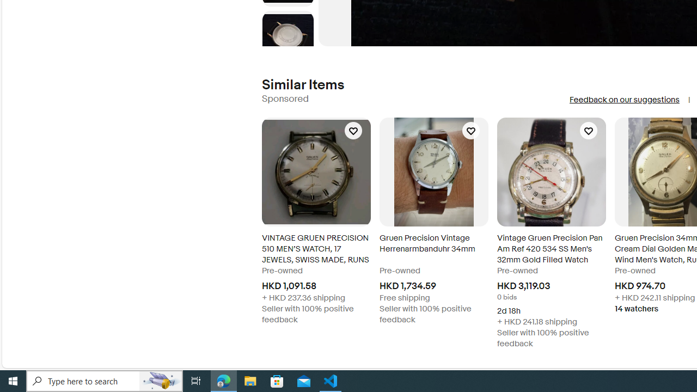 The height and width of the screenshot is (392, 697). Describe the element at coordinates (288, 36) in the screenshot. I see `'Picture 6 of 8'` at that location.